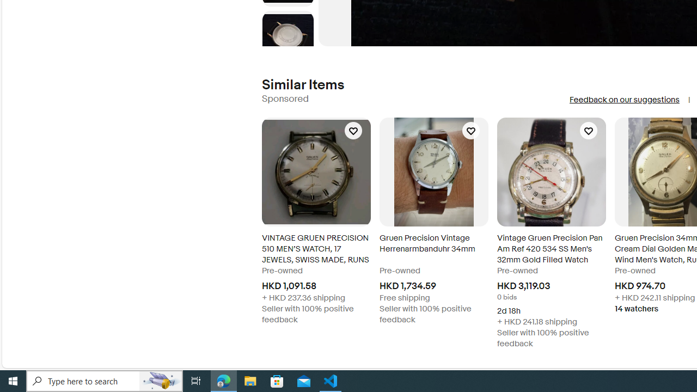 The height and width of the screenshot is (392, 697). Describe the element at coordinates (288, 36) in the screenshot. I see `'Picture 6 of 8'` at that location.